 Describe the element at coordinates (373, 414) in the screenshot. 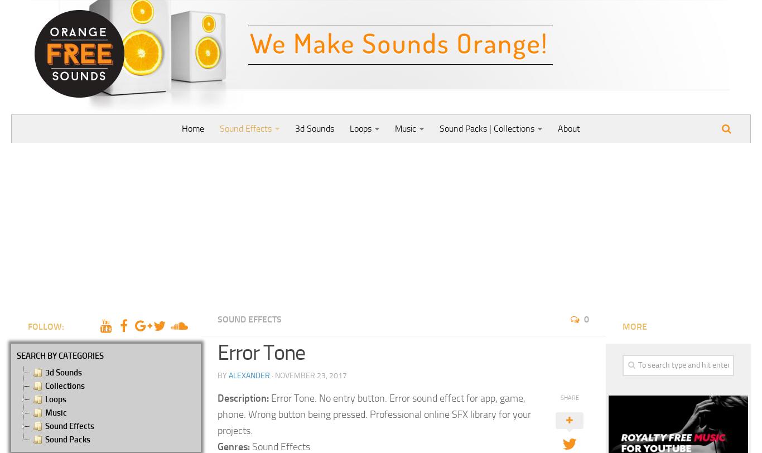

I see `'Error Tone. No entry button. Error sound effect for app, game, phone. Wrong button being pressed. Professional online SFX library for your projects.'` at that location.